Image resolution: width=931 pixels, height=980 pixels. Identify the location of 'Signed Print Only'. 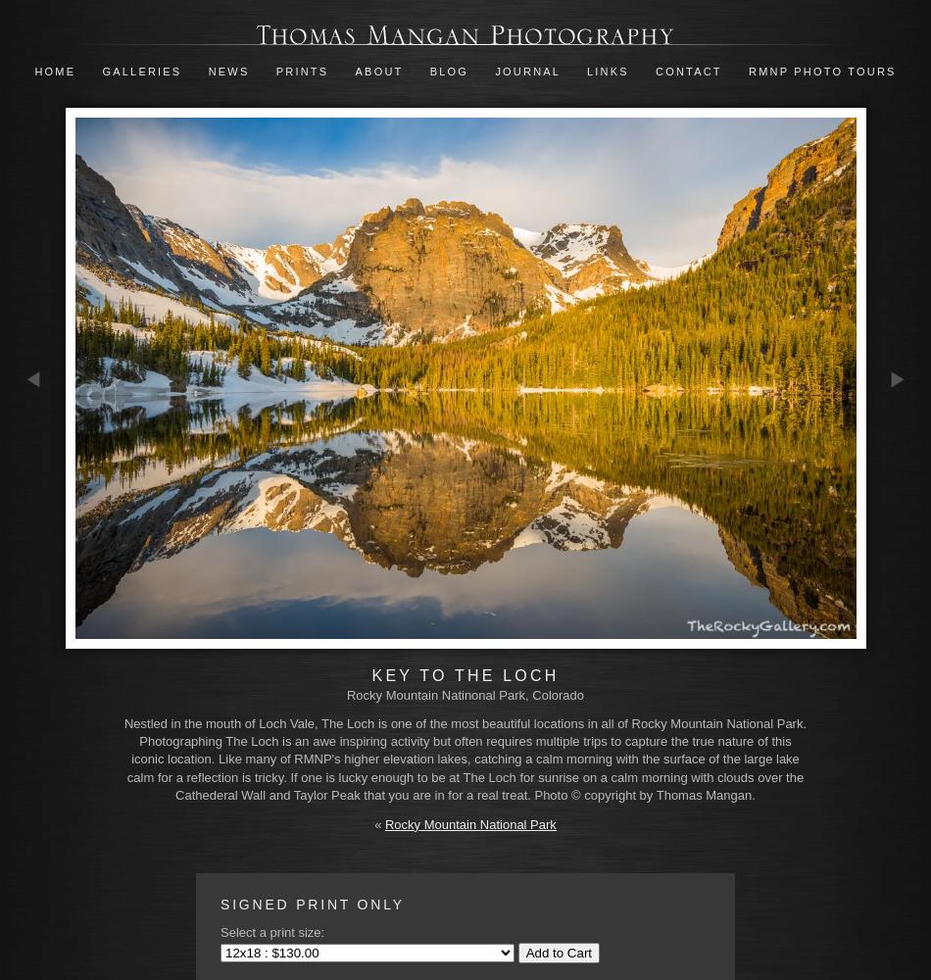
(311, 905).